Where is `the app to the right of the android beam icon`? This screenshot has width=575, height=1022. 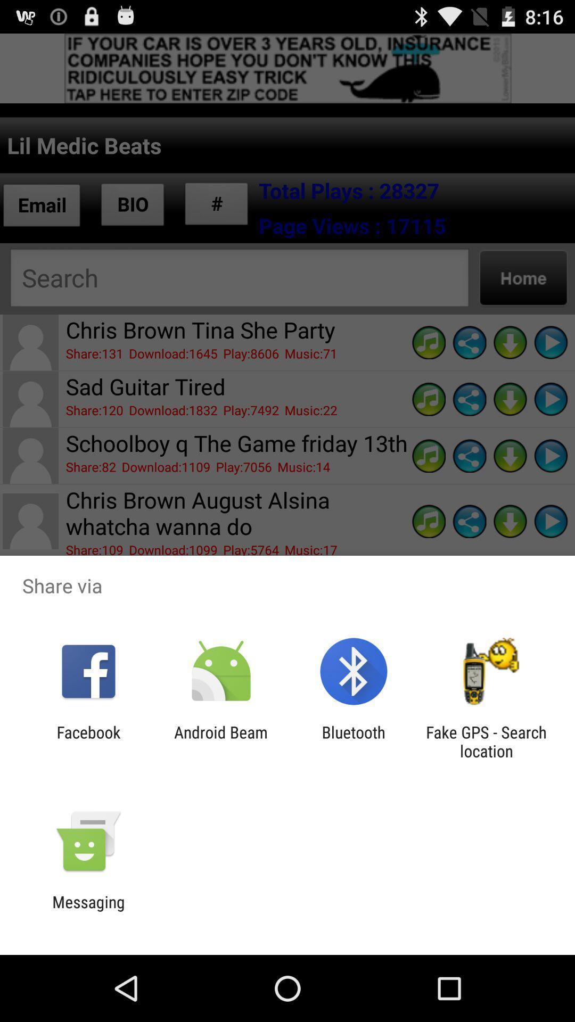 the app to the right of the android beam icon is located at coordinates (354, 741).